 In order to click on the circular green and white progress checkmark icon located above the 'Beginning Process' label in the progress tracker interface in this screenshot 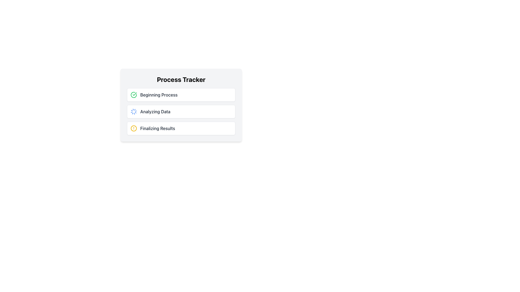, I will do `click(134, 94)`.